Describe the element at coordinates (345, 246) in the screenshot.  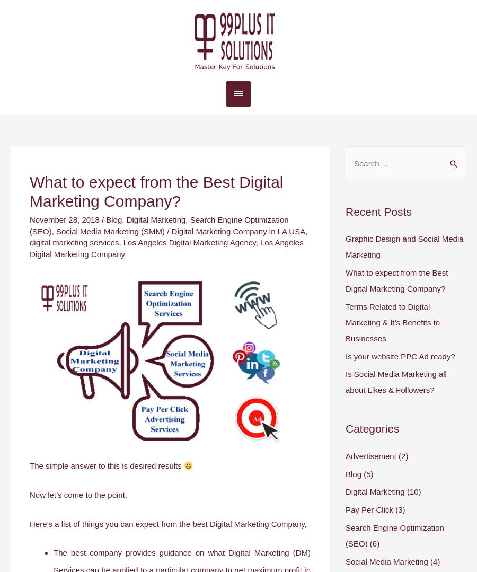
I see `'Graphic Design and Social Media Marketing'` at that location.